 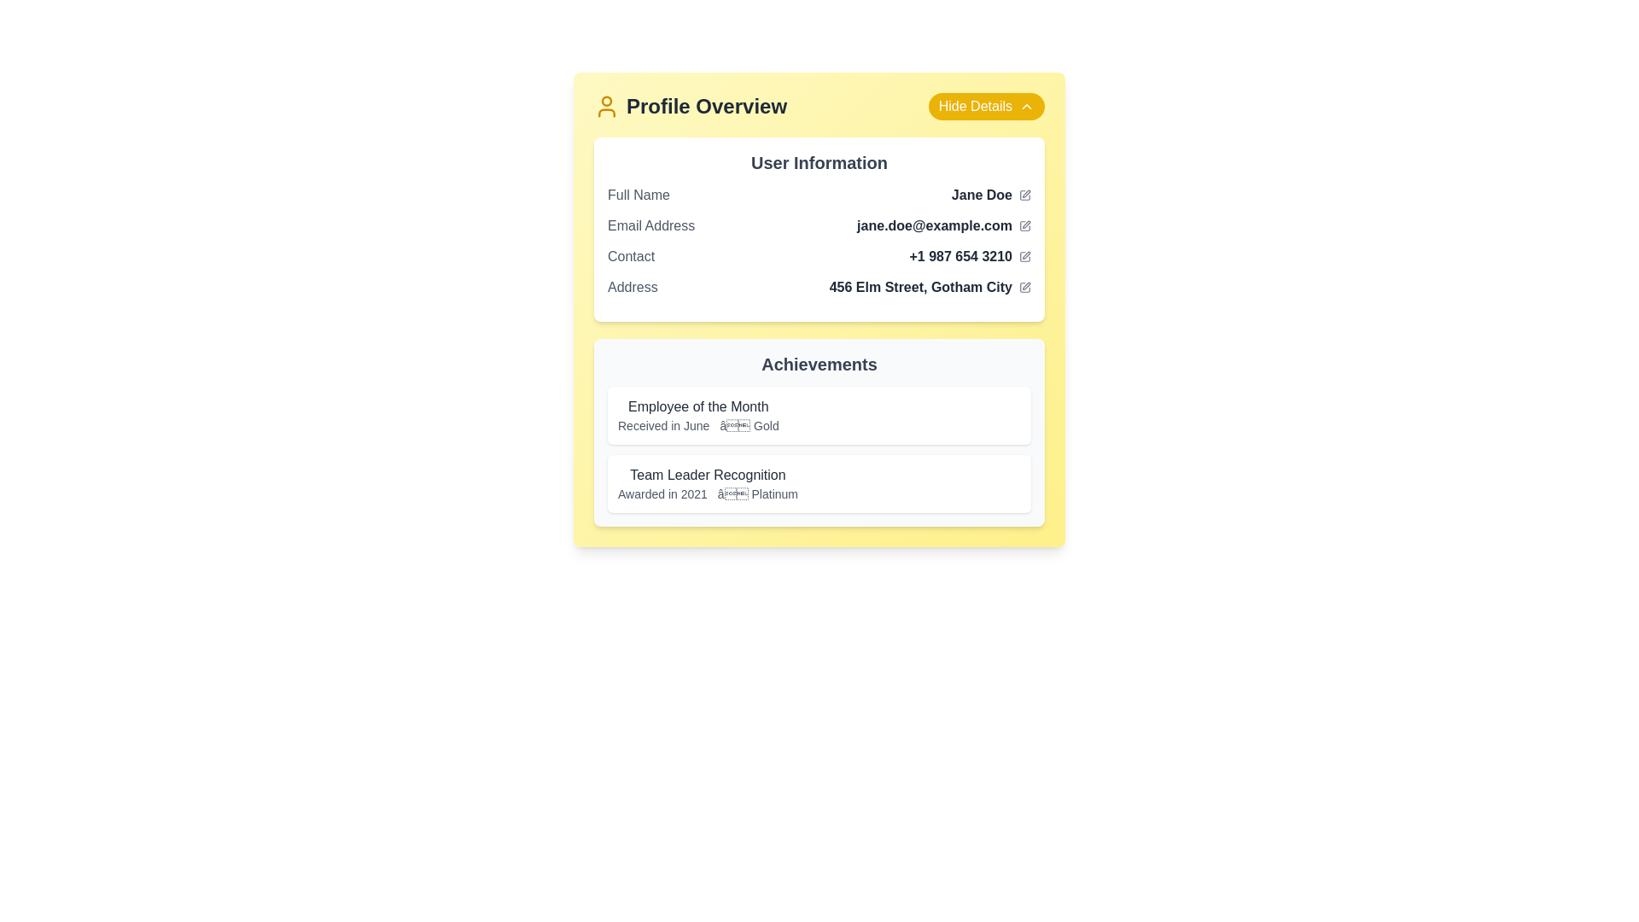 What do you see at coordinates (1026, 106) in the screenshot?
I see `the downward-facing chevron-shaped arrow icon located to the right of the 'Hide Details' text` at bounding box center [1026, 106].